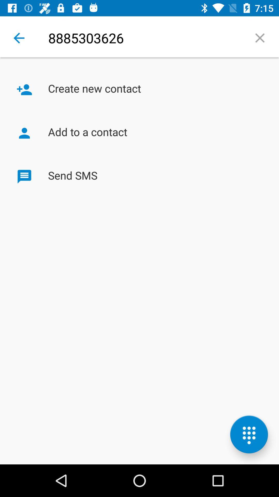 This screenshot has width=279, height=497. Describe the element at coordinates (249, 434) in the screenshot. I see `the dialpad icon` at that location.